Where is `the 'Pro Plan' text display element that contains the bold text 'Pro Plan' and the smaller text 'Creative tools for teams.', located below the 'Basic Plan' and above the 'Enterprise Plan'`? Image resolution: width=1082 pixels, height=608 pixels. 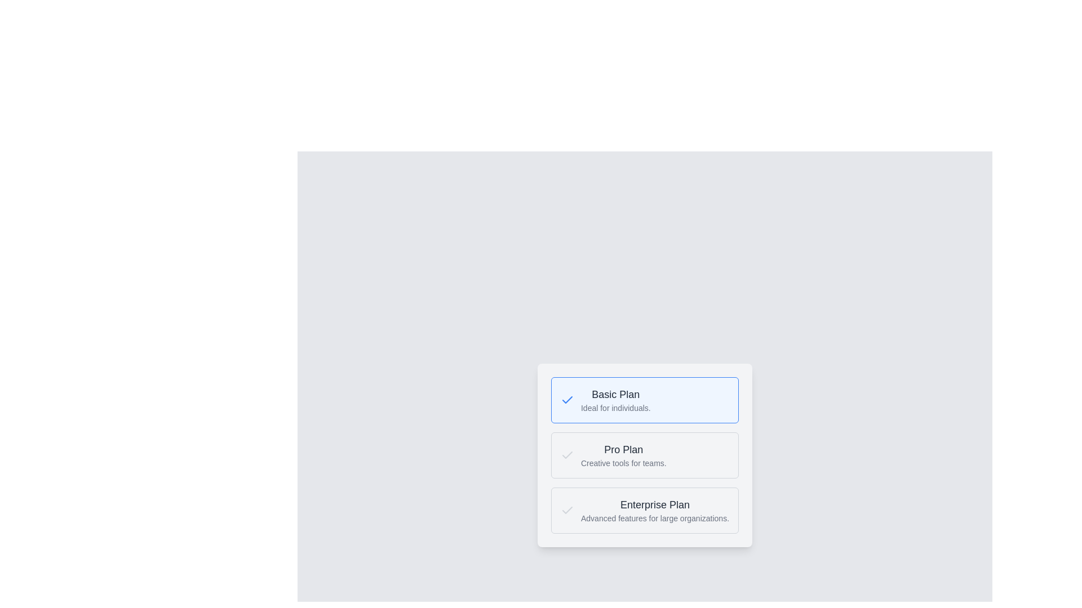
the 'Pro Plan' text display element that contains the bold text 'Pro Plan' and the smaller text 'Creative tools for teams.', located below the 'Basic Plan' and above the 'Enterprise Plan' is located at coordinates (623, 455).